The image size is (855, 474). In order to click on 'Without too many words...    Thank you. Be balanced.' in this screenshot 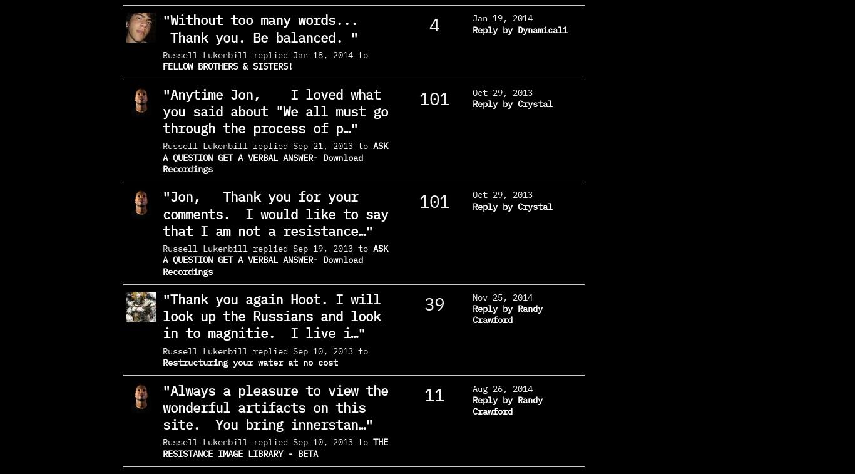, I will do `click(267, 28)`.